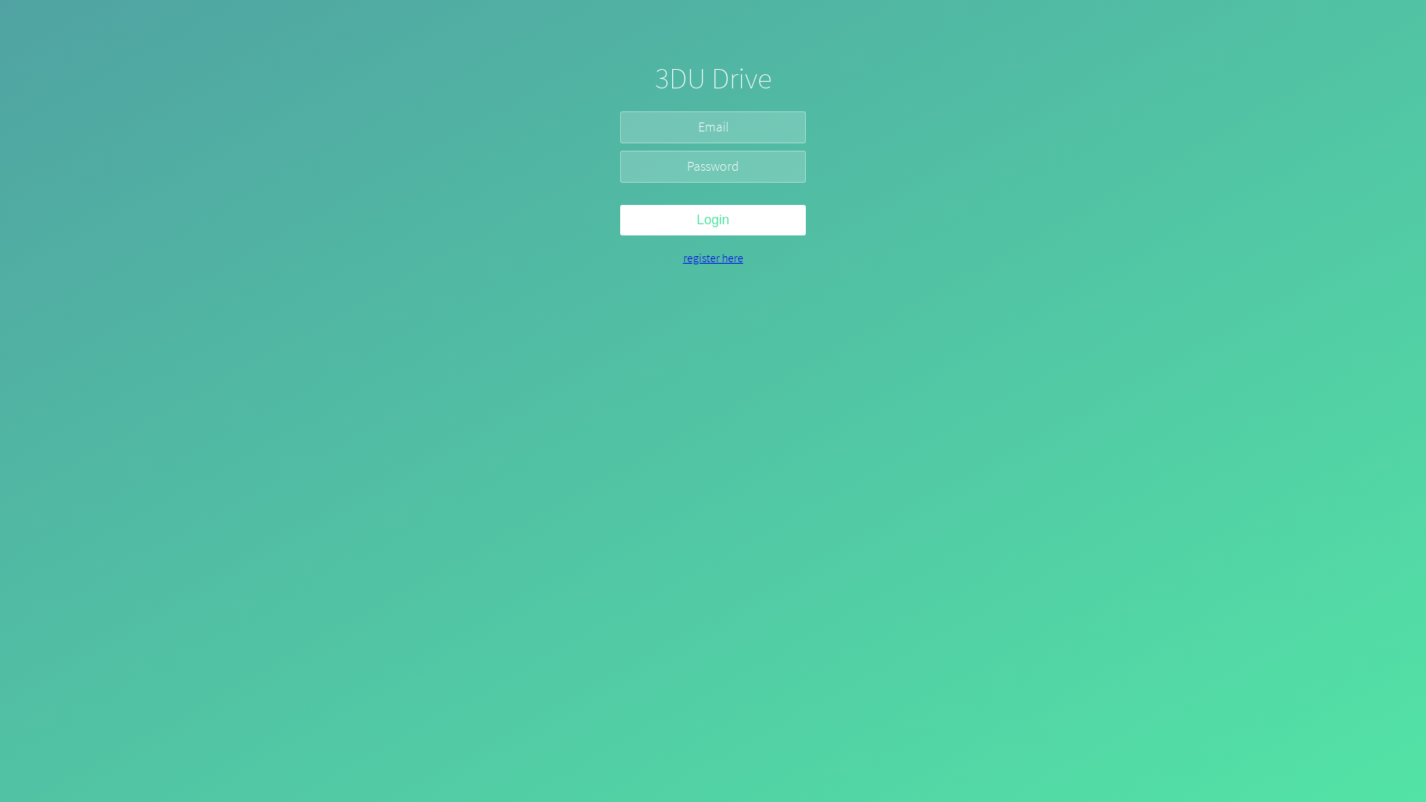 This screenshot has width=1426, height=802. I want to click on 'register here', so click(713, 257).